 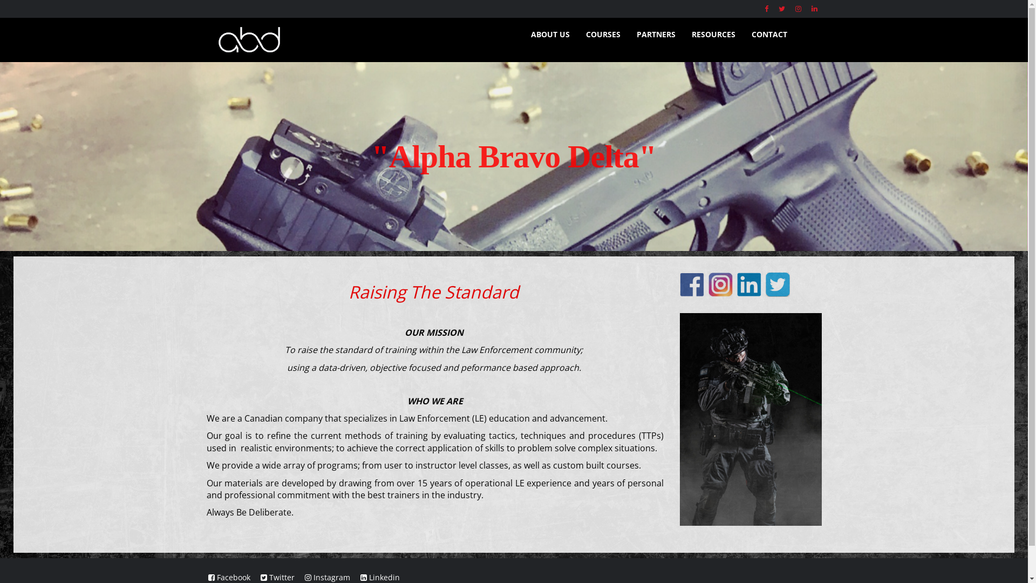 What do you see at coordinates (304, 577) in the screenshot?
I see `'Instagram'` at bounding box center [304, 577].